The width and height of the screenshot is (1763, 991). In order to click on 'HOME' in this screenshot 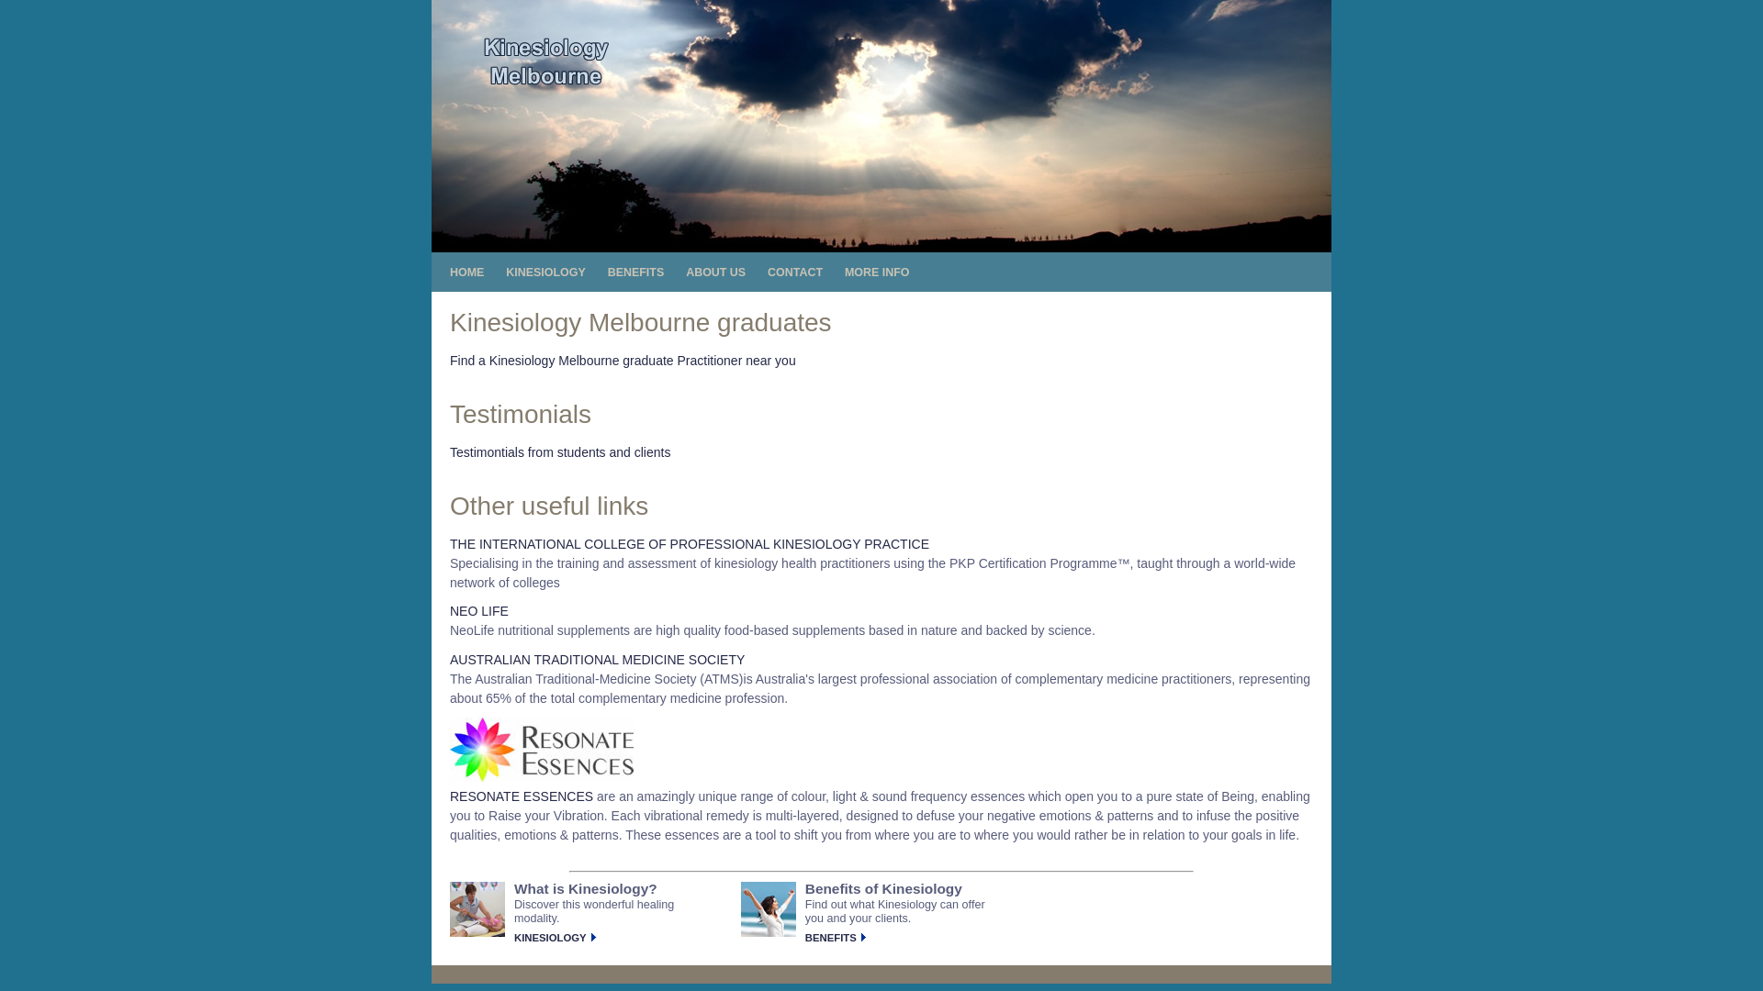, I will do `click(449, 273)`.